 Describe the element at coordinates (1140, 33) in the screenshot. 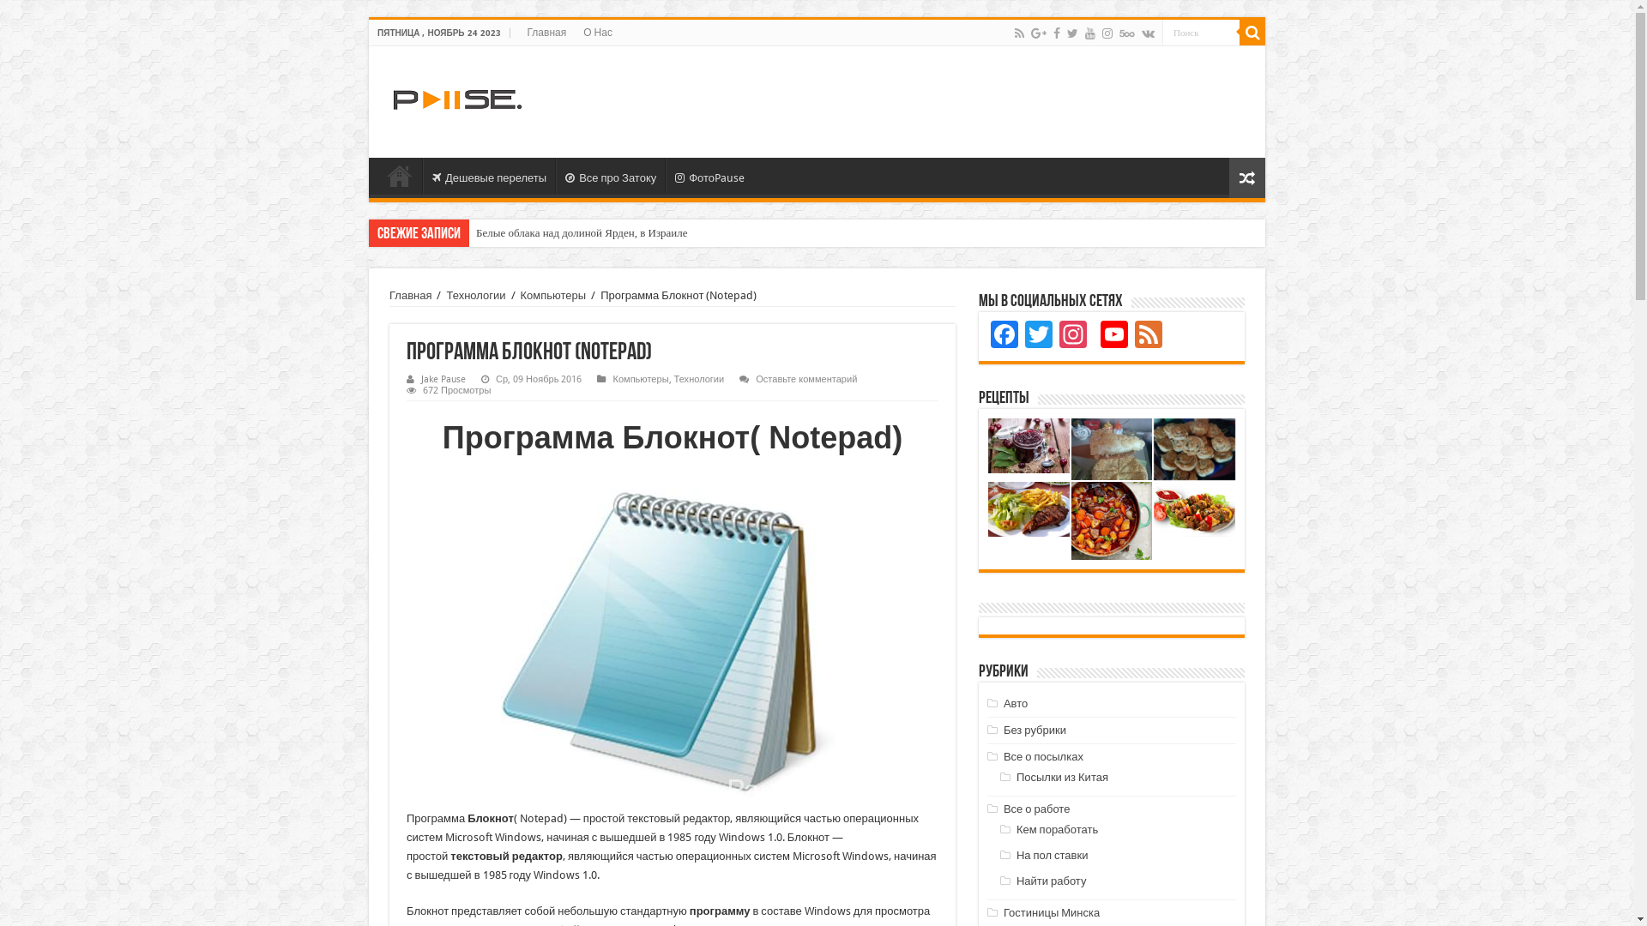

I see `'vk.com'` at that location.